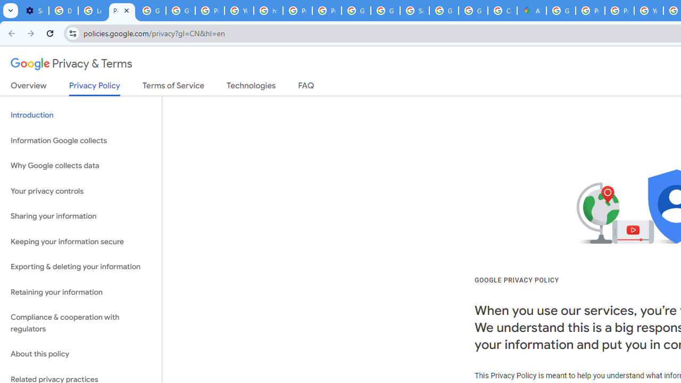 Image resolution: width=681 pixels, height=383 pixels. I want to click on 'https://scholar.google.com/', so click(268, 11).